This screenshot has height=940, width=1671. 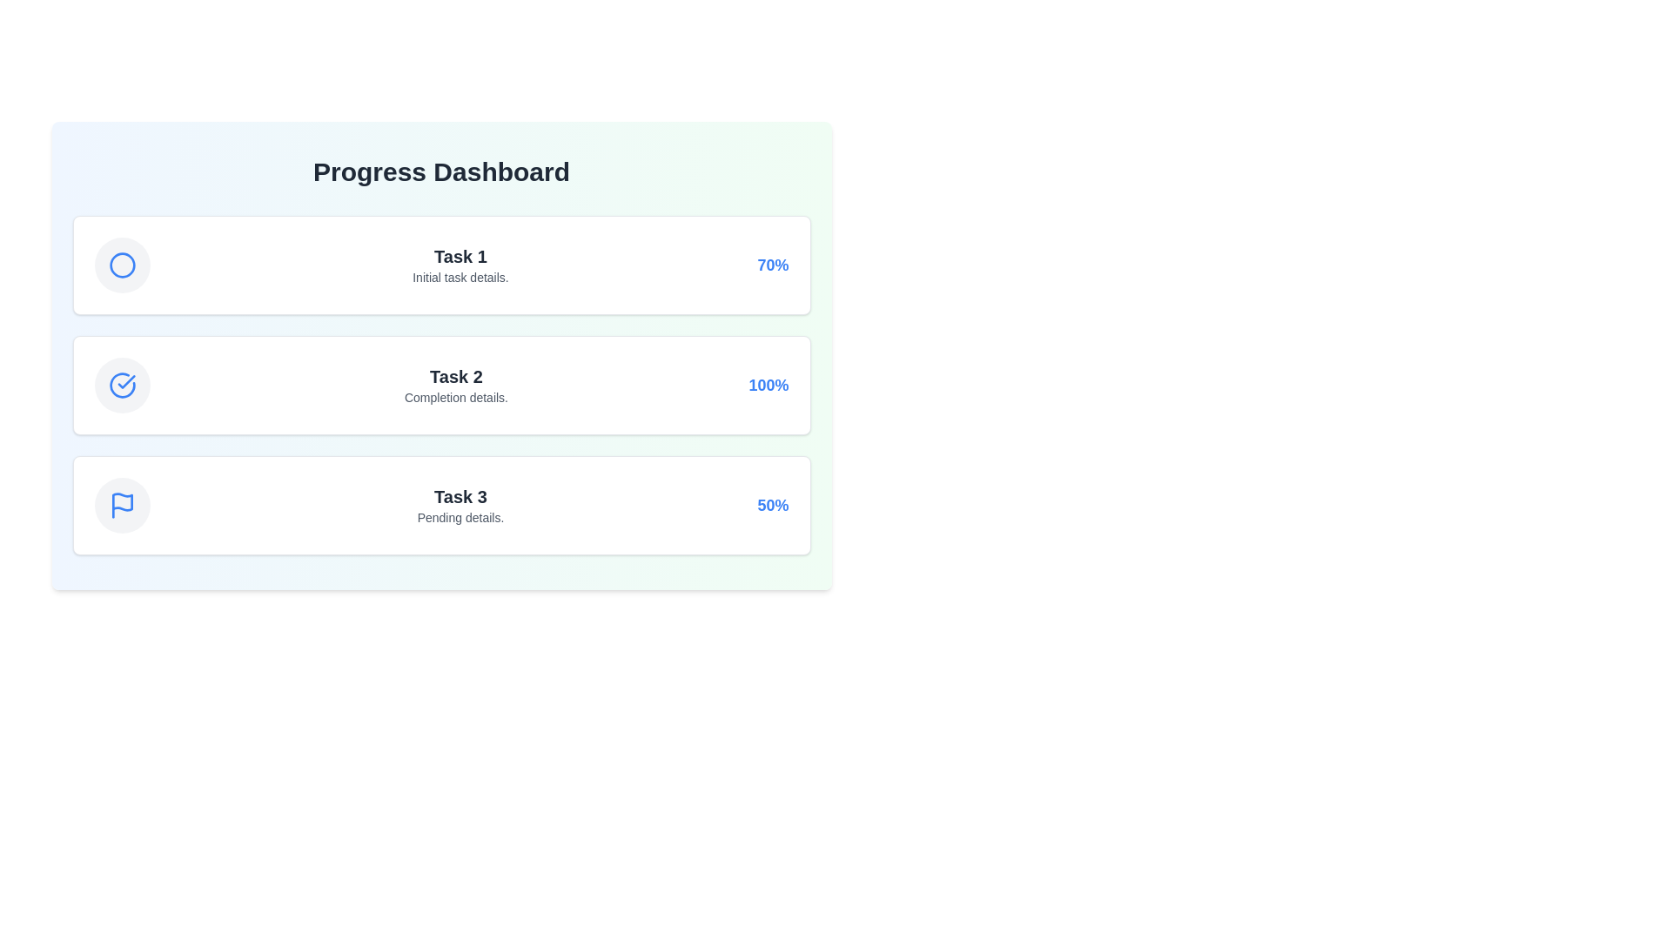 What do you see at coordinates (121, 385) in the screenshot?
I see `the left-side circular icon with a checkmark inside, styled with a blue outline on a white background, associated with the 'Task 2' row in the progress dashboard` at bounding box center [121, 385].